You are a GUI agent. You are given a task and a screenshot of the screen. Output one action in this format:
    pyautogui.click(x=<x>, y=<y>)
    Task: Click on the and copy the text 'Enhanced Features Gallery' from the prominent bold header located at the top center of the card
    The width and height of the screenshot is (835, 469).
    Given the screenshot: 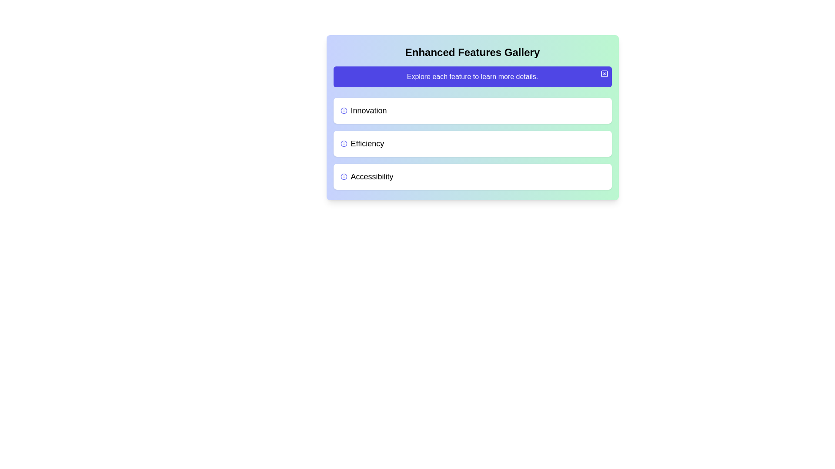 What is the action you would take?
    pyautogui.click(x=472, y=52)
    